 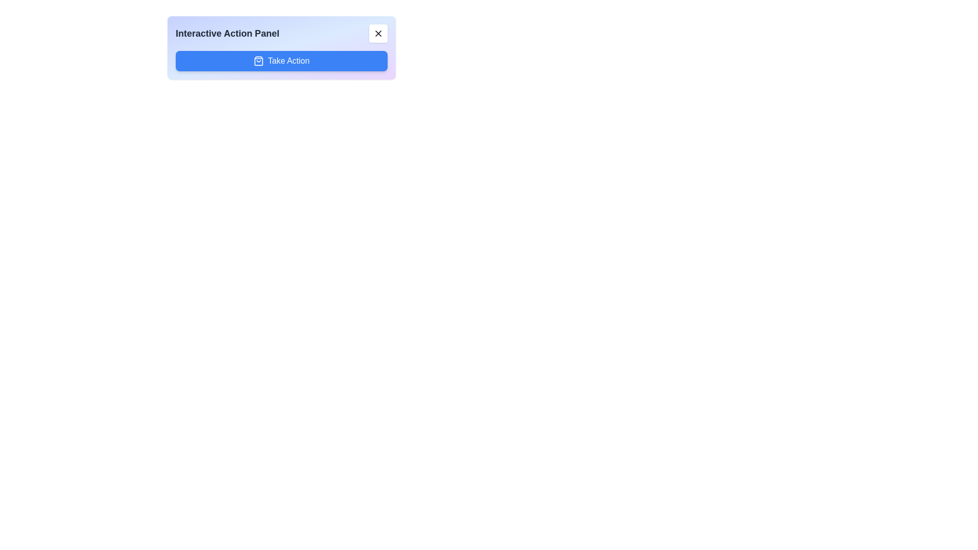 I want to click on the prominently styled blue button labeled 'Take Action' with a shopping bag icon on the left, located centrally within the 'Interactive Action Panel', so click(x=281, y=61).